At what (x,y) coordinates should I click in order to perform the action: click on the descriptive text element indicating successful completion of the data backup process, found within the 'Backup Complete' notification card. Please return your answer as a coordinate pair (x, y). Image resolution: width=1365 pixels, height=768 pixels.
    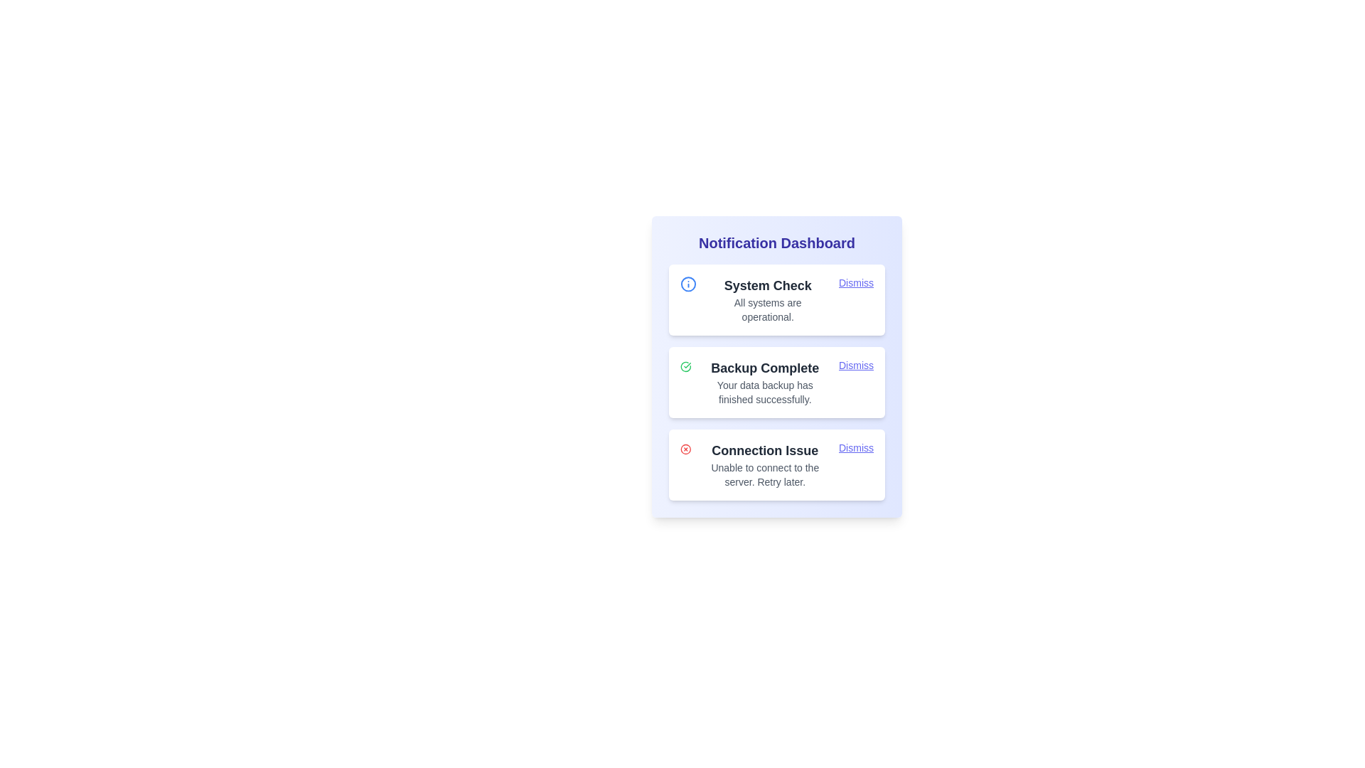
    Looking at the image, I should click on (764, 392).